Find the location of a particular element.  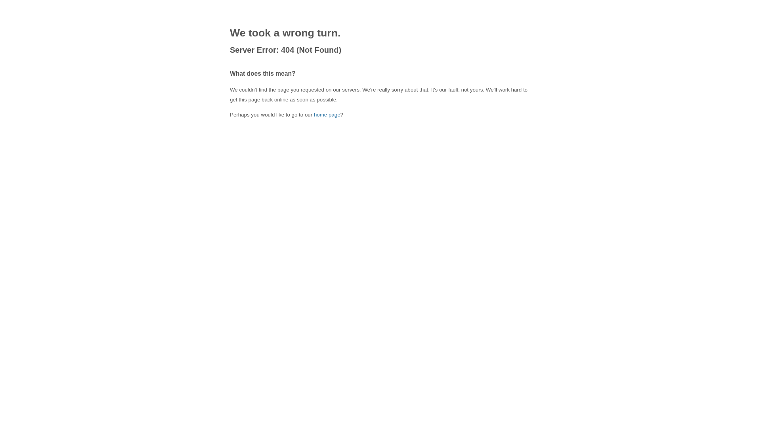

'home page' is located at coordinates (327, 115).